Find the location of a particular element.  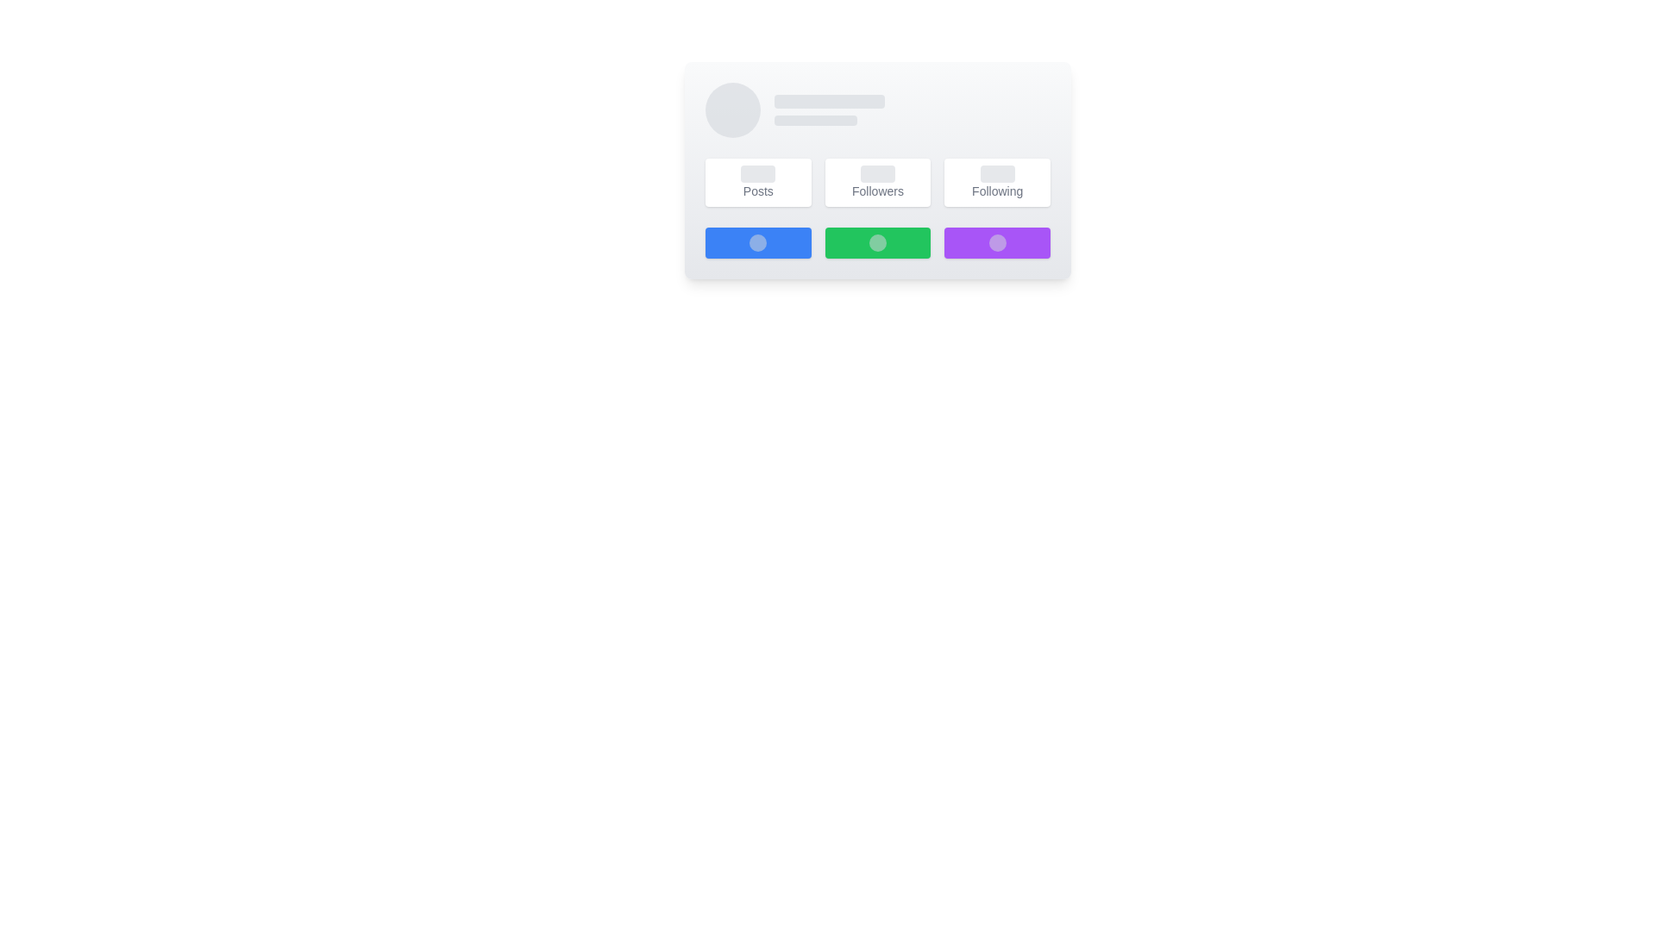

the 'Posts' card located in the upper-middle section of the interface for navigation is located at coordinates (758, 183).